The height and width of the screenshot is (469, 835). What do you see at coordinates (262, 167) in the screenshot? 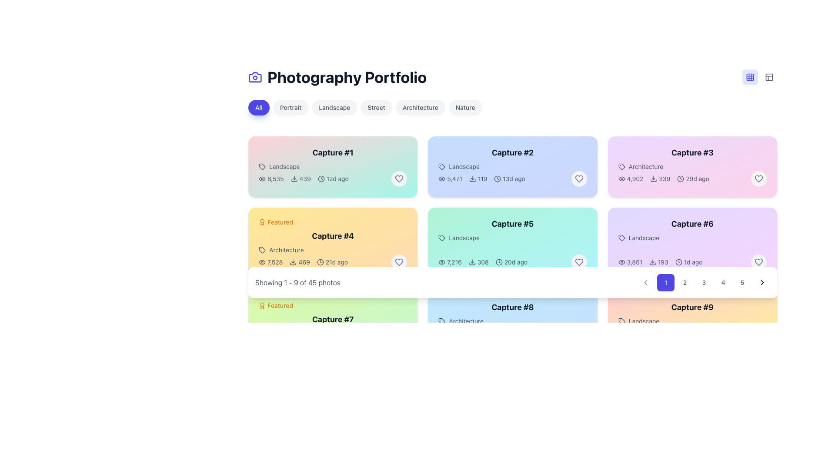
I see `the SVG Icon representing 'Landscape' located to the left of the text label in the top-left quadrant of the page` at bounding box center [262, 167].